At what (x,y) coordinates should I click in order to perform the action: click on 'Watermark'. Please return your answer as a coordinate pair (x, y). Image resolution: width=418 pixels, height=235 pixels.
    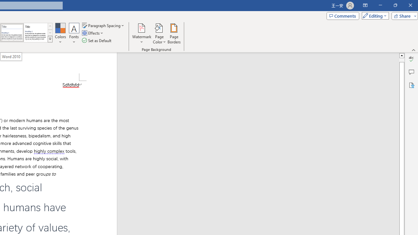
    Looking at the image, I should click on (141, 34).